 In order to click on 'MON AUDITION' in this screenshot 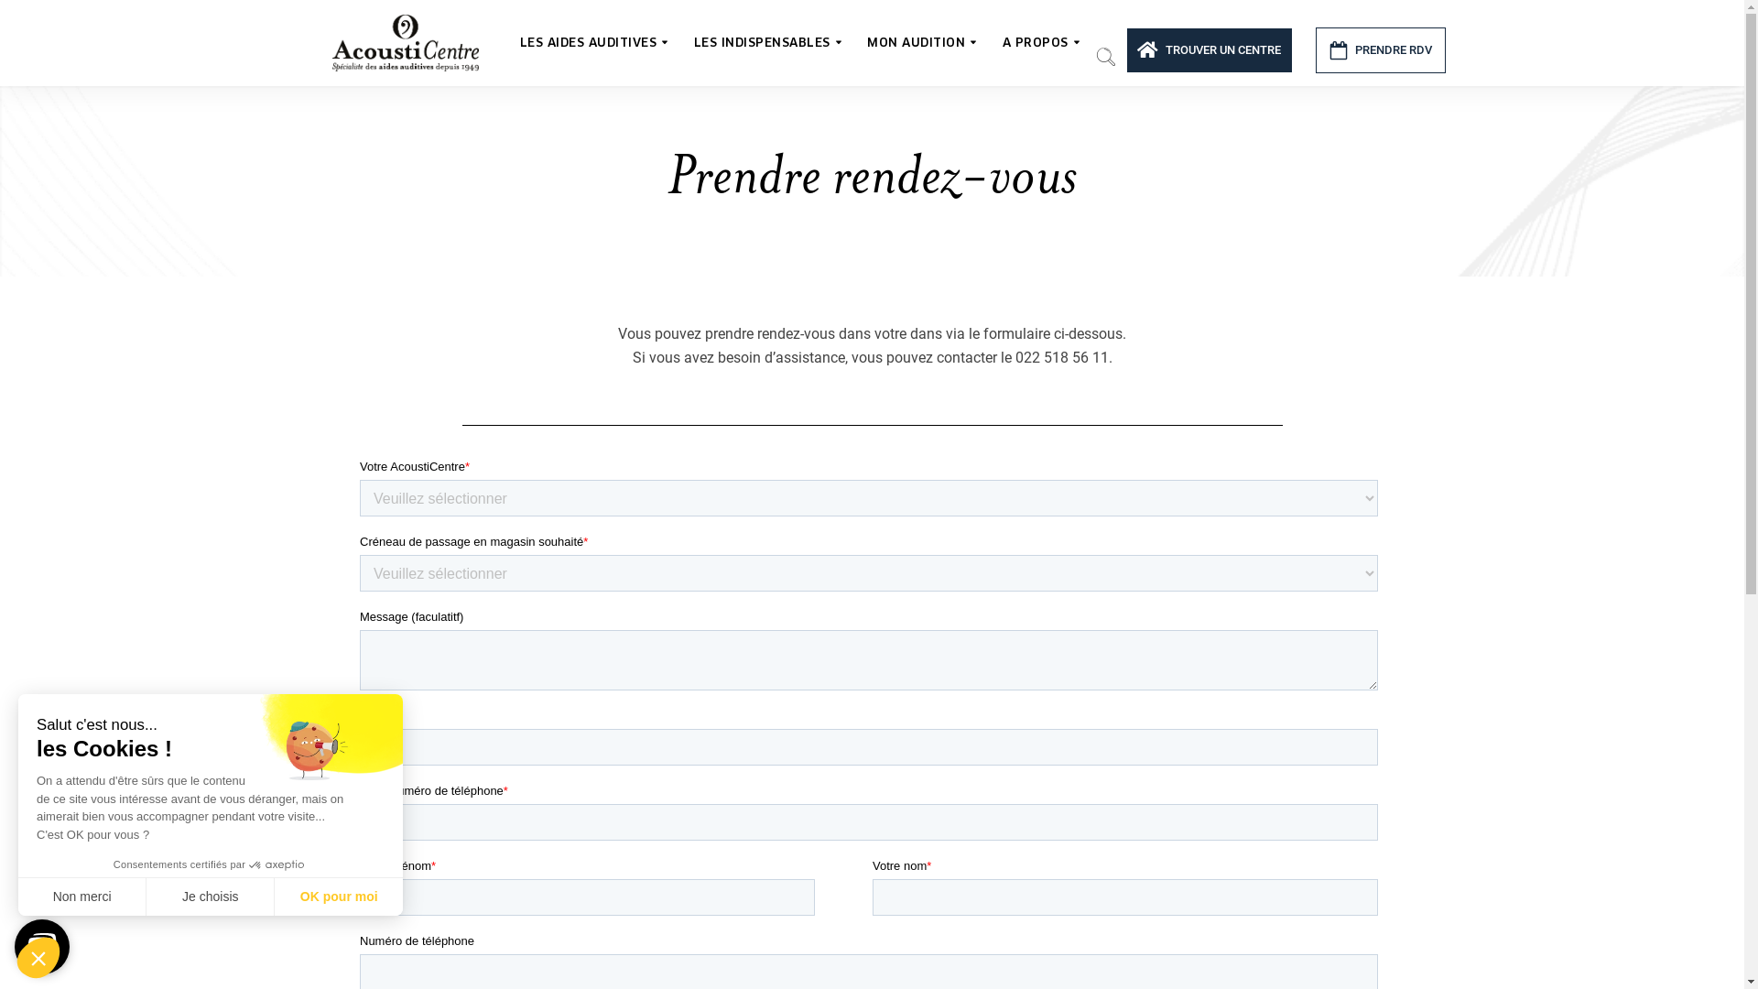, I will do `click(921, 41)`.